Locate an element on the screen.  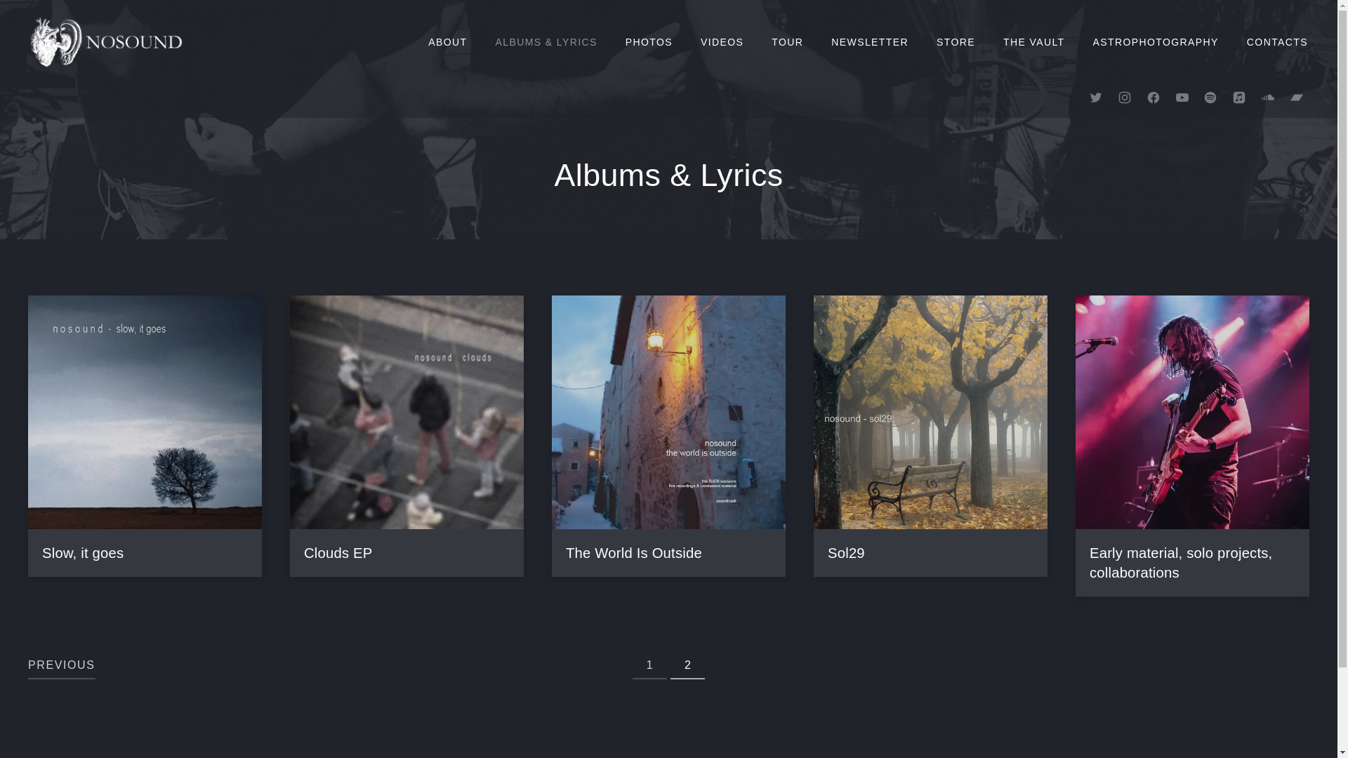
'VIDEOS' is located at coordinates (722, 41).